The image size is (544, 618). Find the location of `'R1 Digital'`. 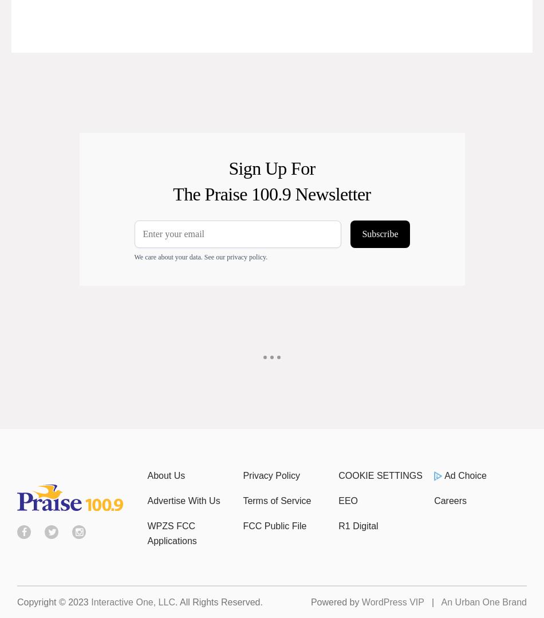

'R1 Digital' is located at coordinates (358, 526).